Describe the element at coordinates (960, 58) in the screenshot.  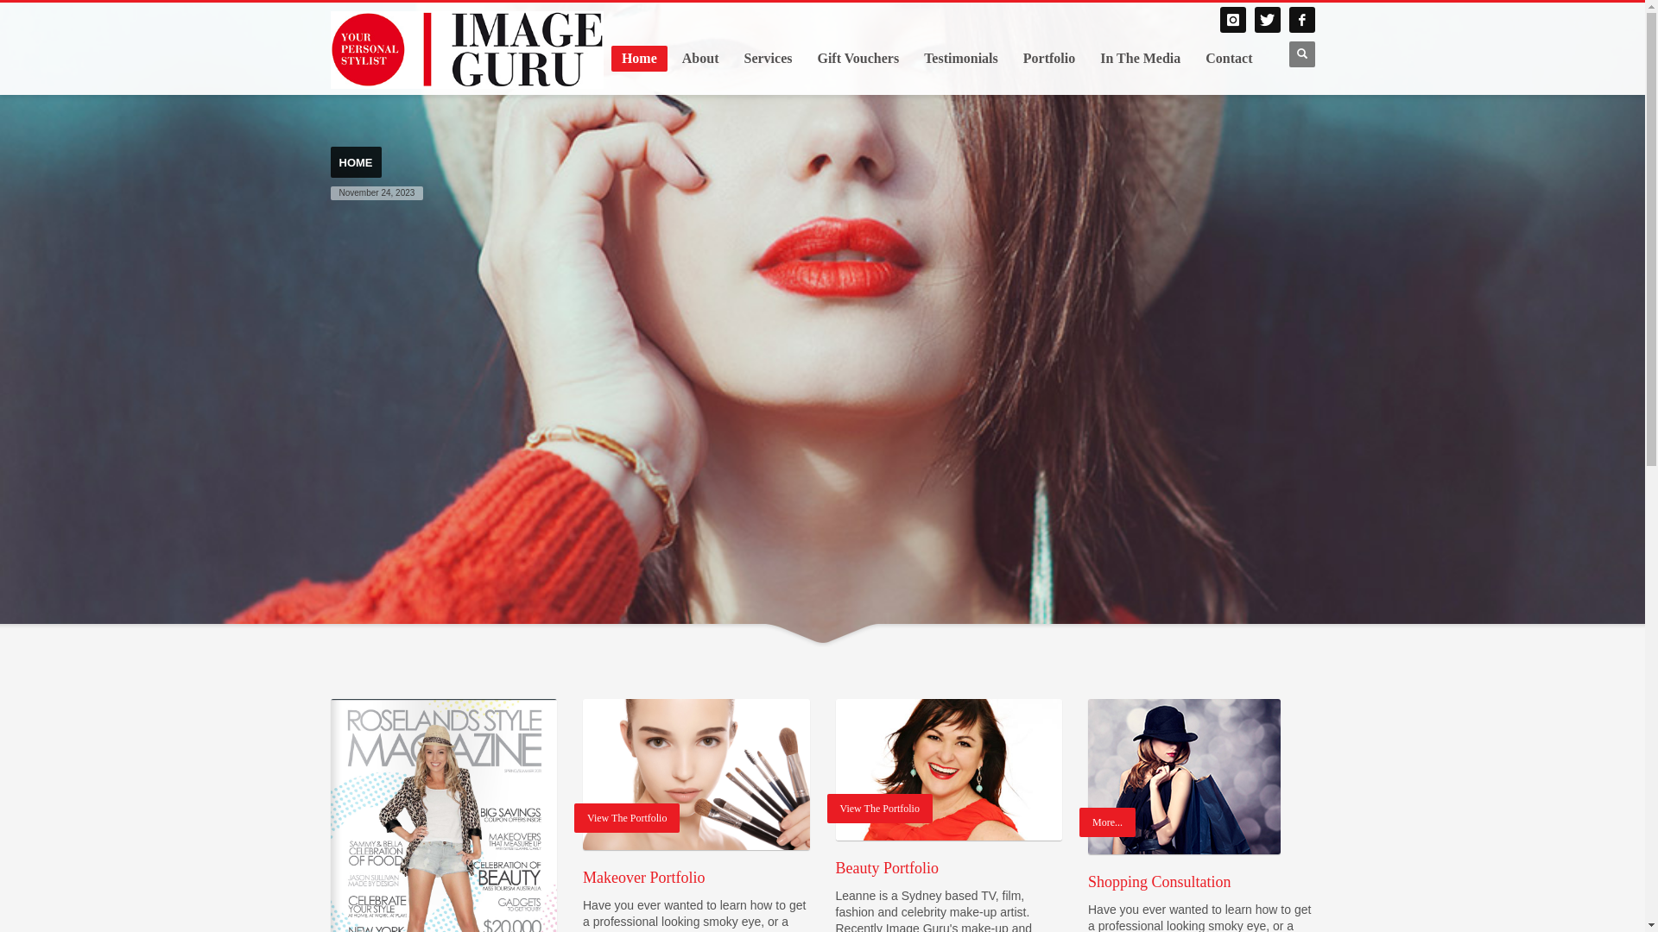
I see `'Testimonials'` at that location.